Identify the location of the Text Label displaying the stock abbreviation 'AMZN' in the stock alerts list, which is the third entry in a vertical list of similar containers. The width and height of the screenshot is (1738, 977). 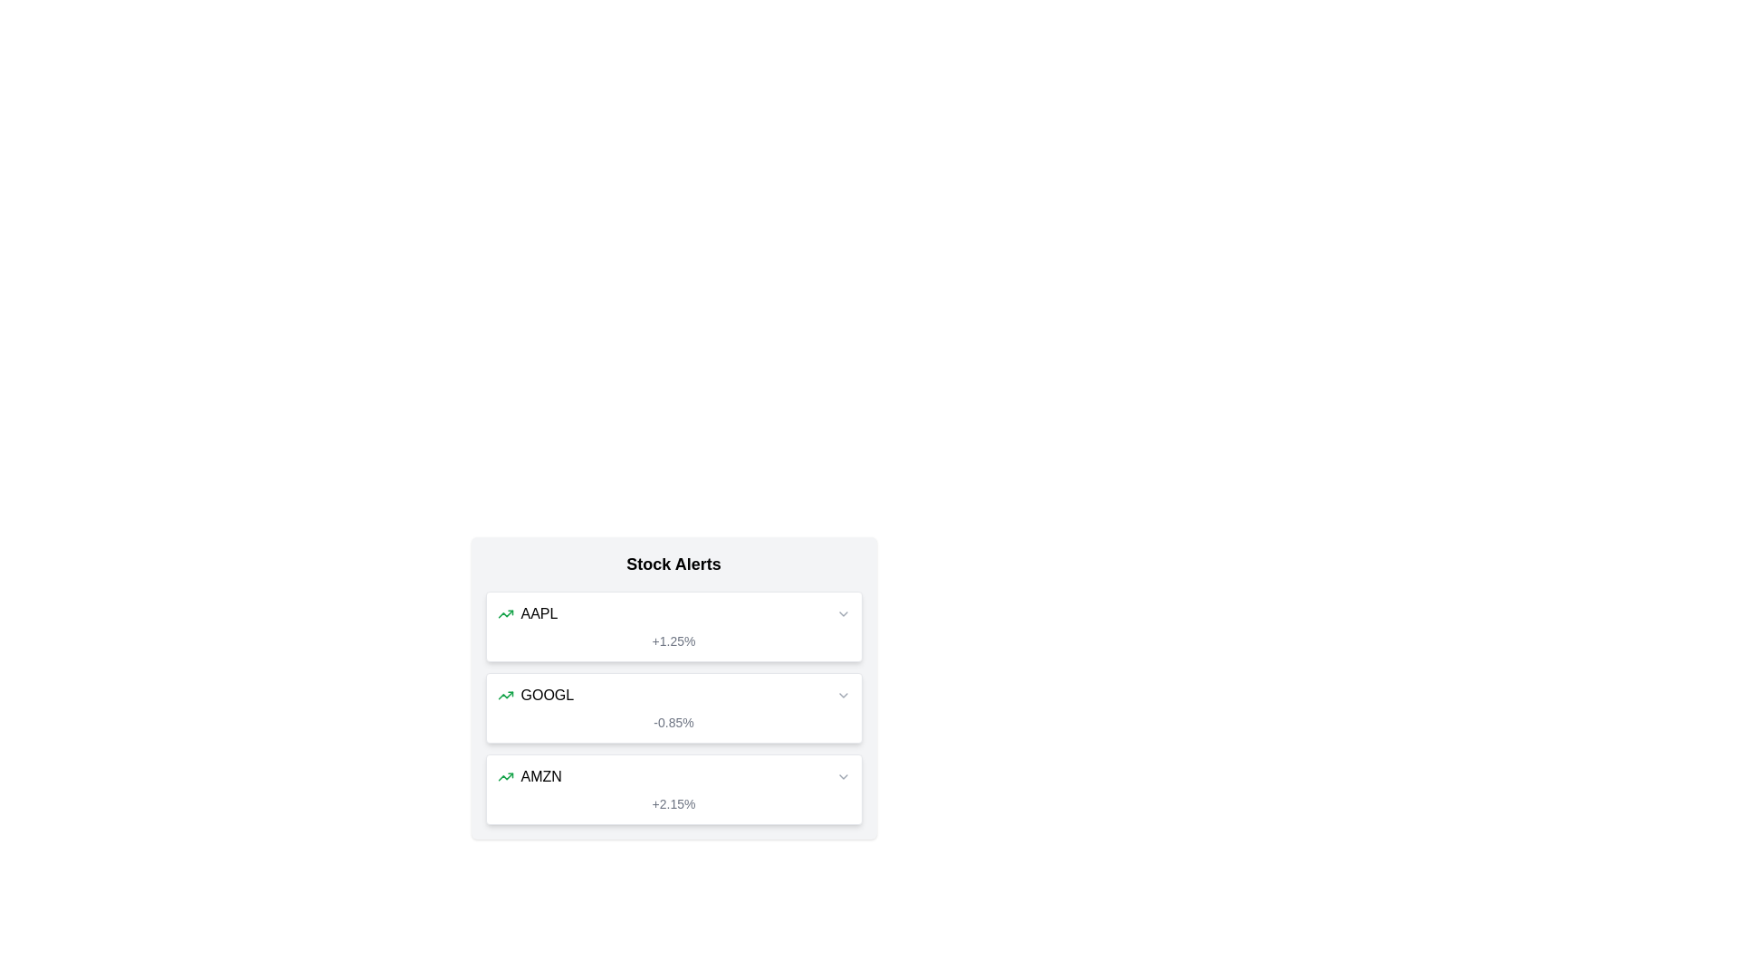
(540, 776).